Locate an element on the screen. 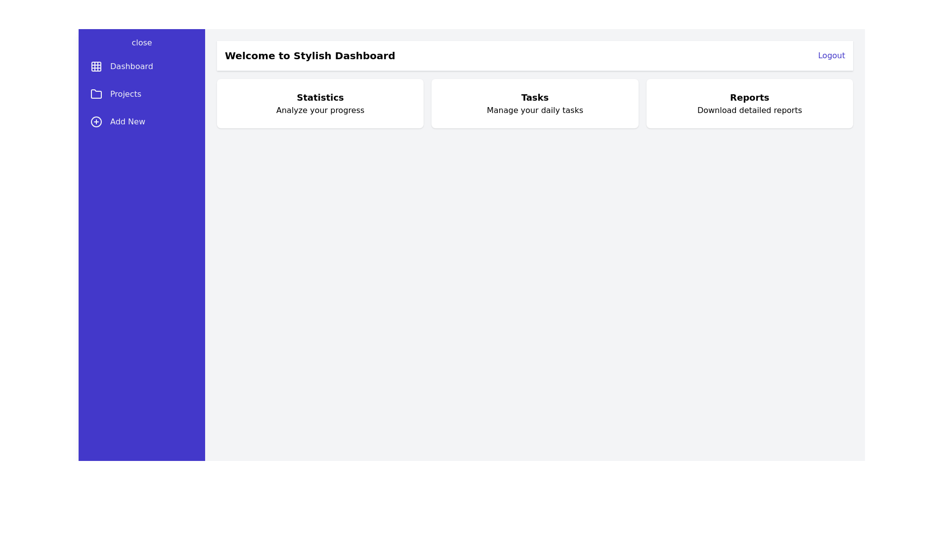 The height and width of the screenshot is (533, 949). the Informational card located in the top-right corner of the content area, which provides an overview of 'Reports' and allows access to detailed information is located at coordinates (749, 103).